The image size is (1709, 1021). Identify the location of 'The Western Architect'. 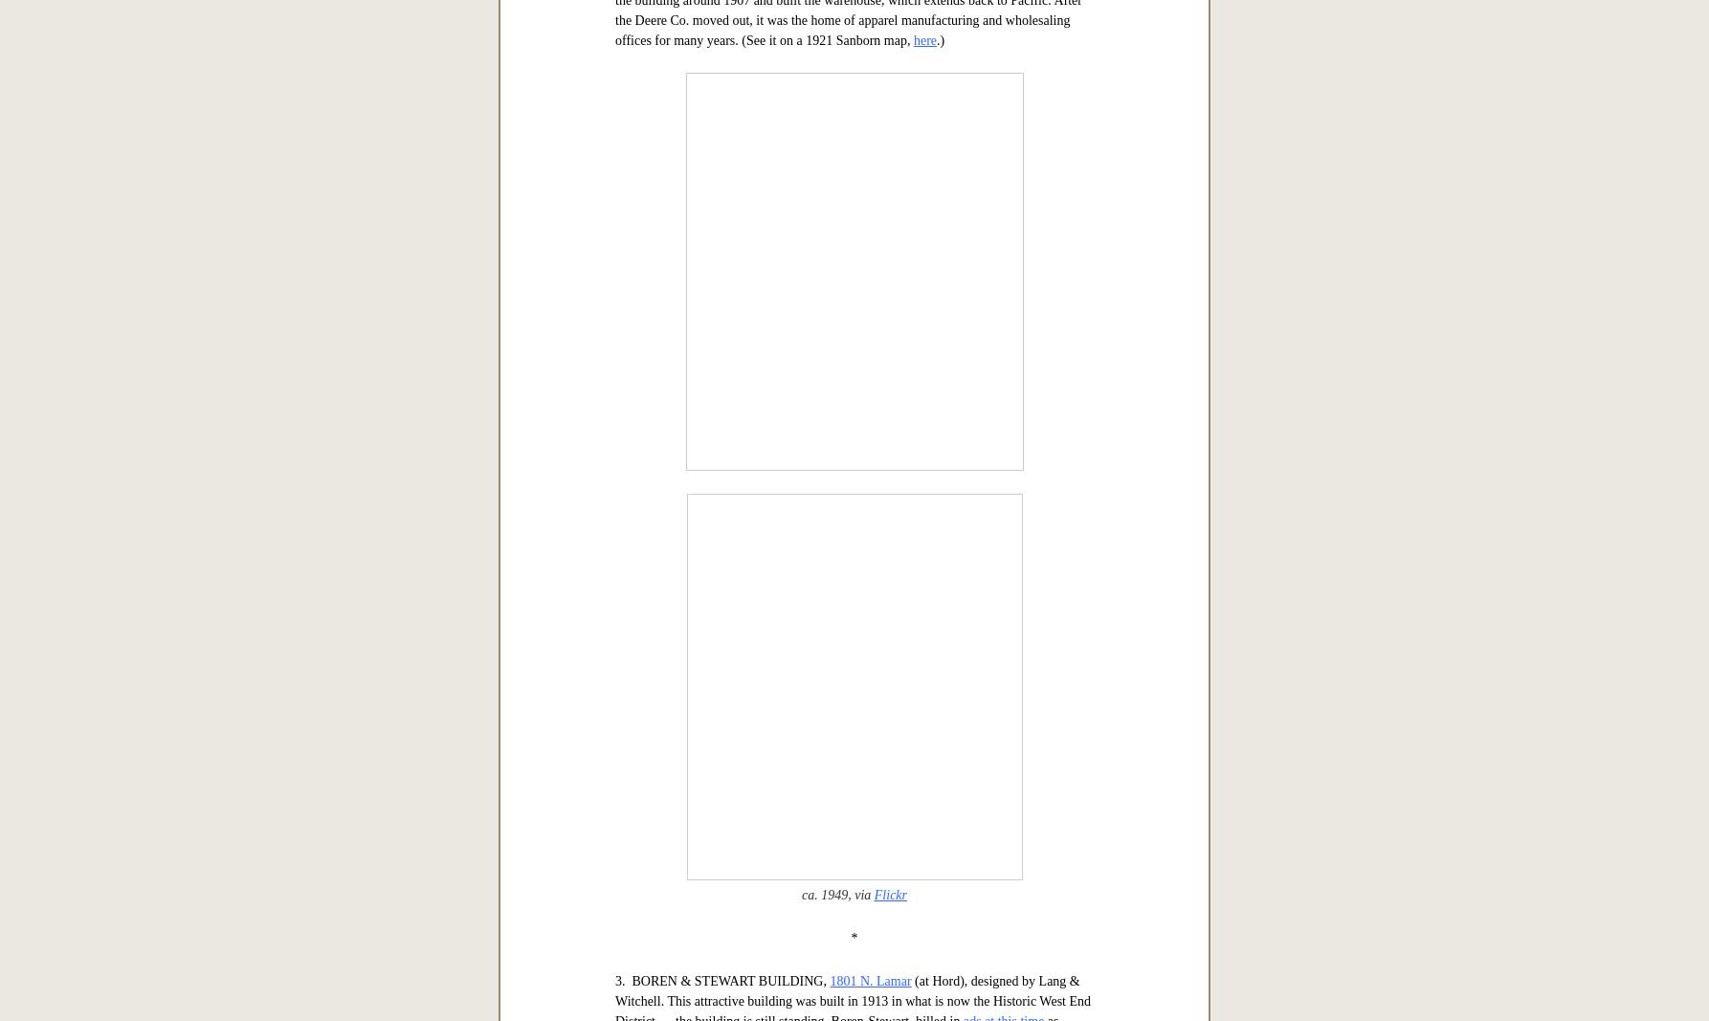
(853, 33).